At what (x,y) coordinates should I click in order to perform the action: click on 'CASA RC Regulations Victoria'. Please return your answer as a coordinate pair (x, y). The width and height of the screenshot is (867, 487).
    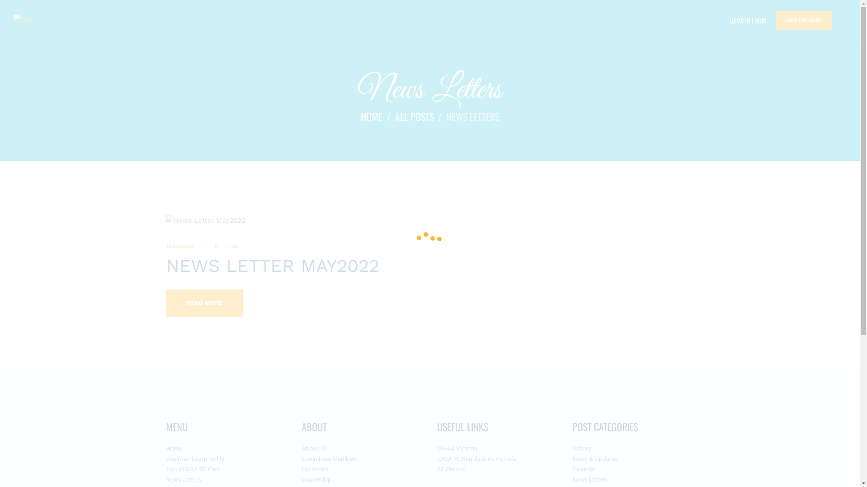
    Looking at the image, I should click on (437, 459).